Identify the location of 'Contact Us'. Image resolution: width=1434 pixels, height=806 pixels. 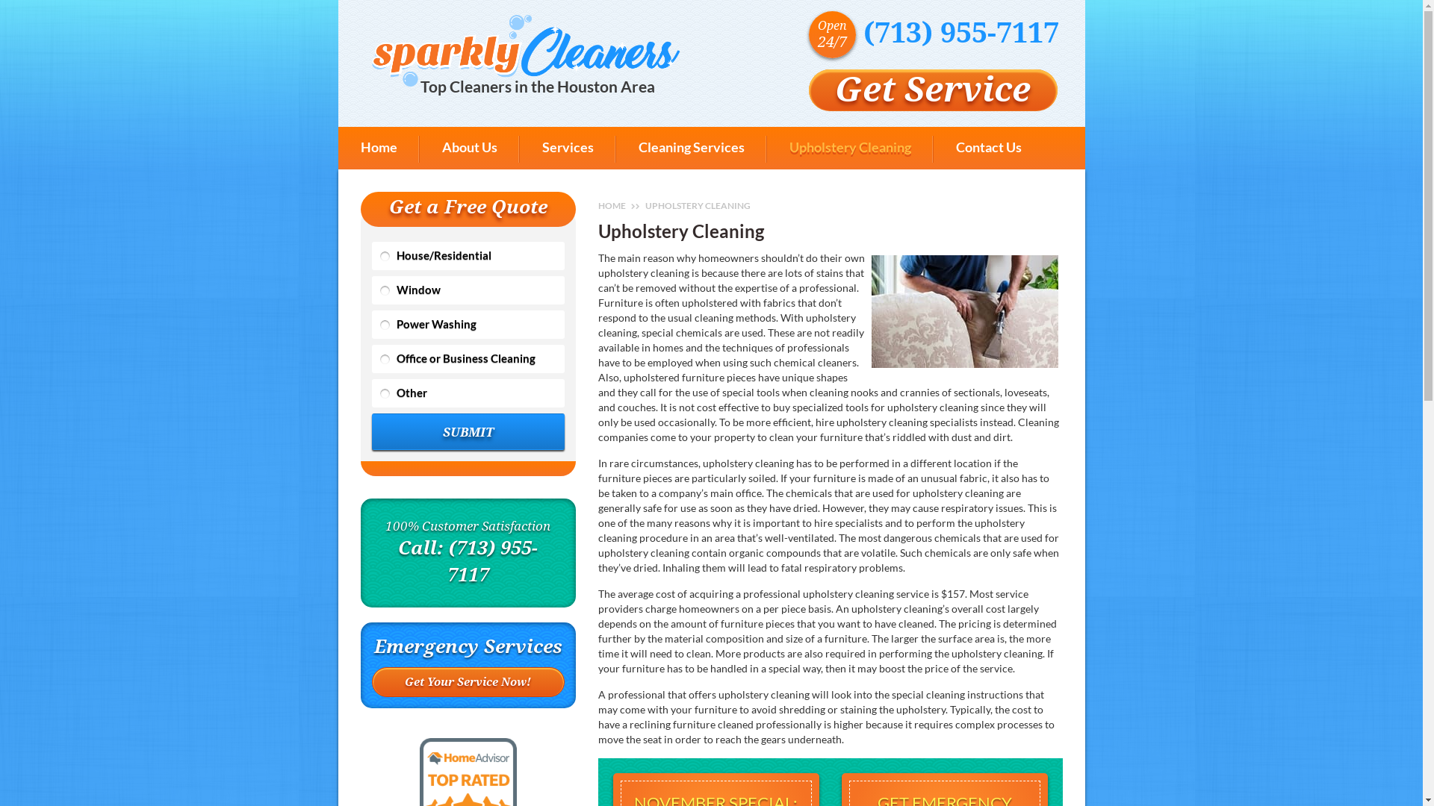
(989, 147).